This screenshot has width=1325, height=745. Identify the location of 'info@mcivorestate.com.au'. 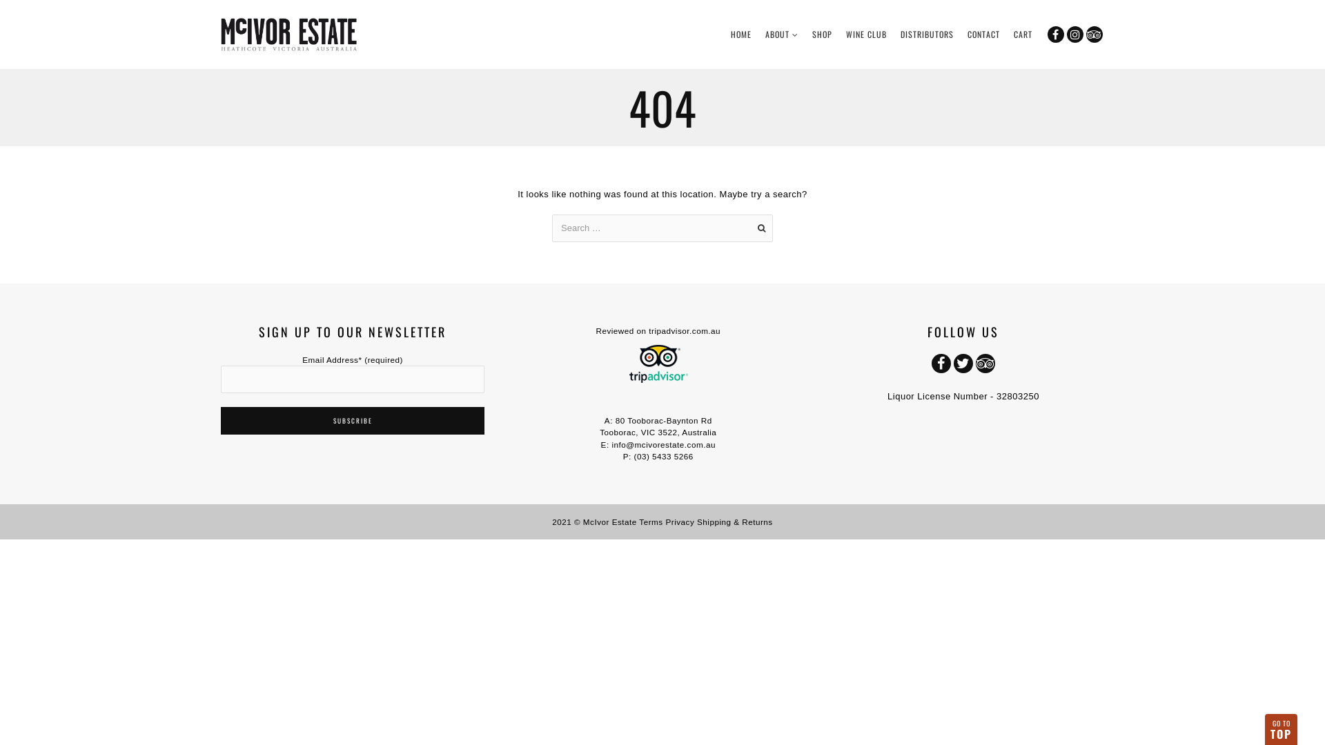
(611, 444).